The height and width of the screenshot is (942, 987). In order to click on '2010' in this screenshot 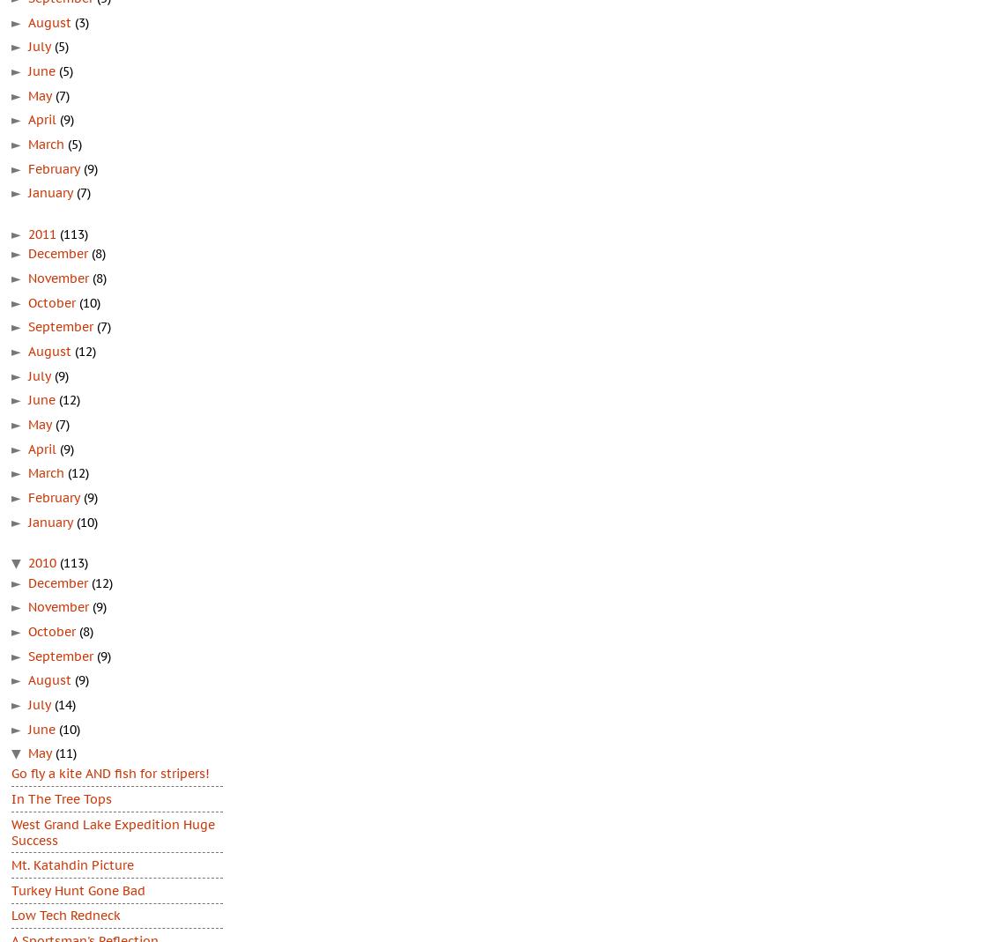, I will do `click(43, 561)`.